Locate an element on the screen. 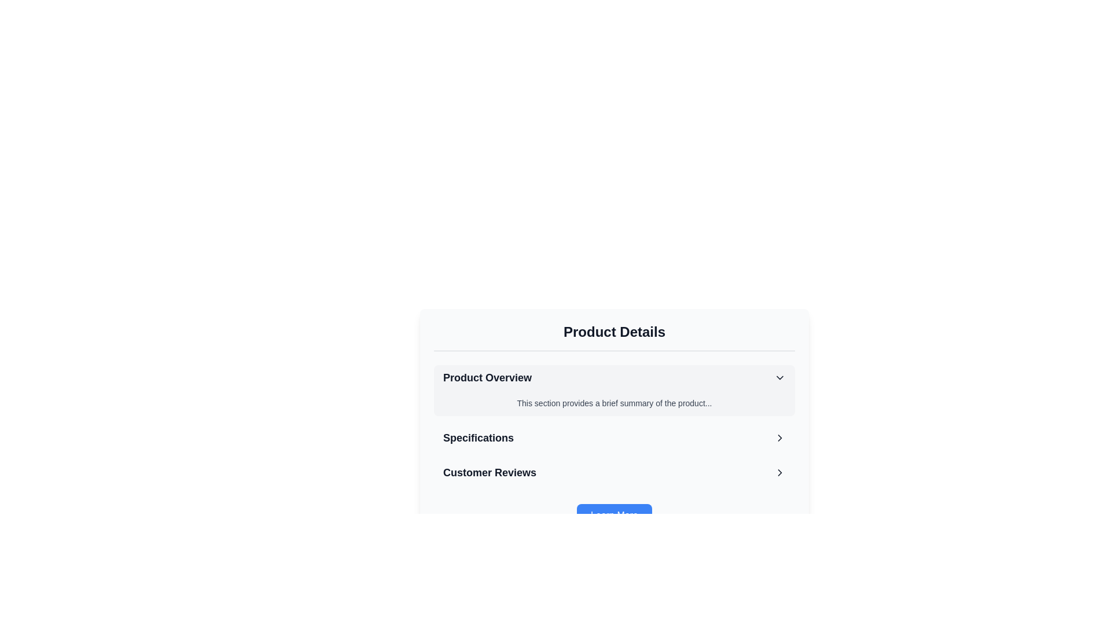 This screenshot has width=1111, height=625. the text block that contains the summary 'This section provides a brief summary of the product...' located in the 'Product Overview' section is located at coordinates (613, 403).